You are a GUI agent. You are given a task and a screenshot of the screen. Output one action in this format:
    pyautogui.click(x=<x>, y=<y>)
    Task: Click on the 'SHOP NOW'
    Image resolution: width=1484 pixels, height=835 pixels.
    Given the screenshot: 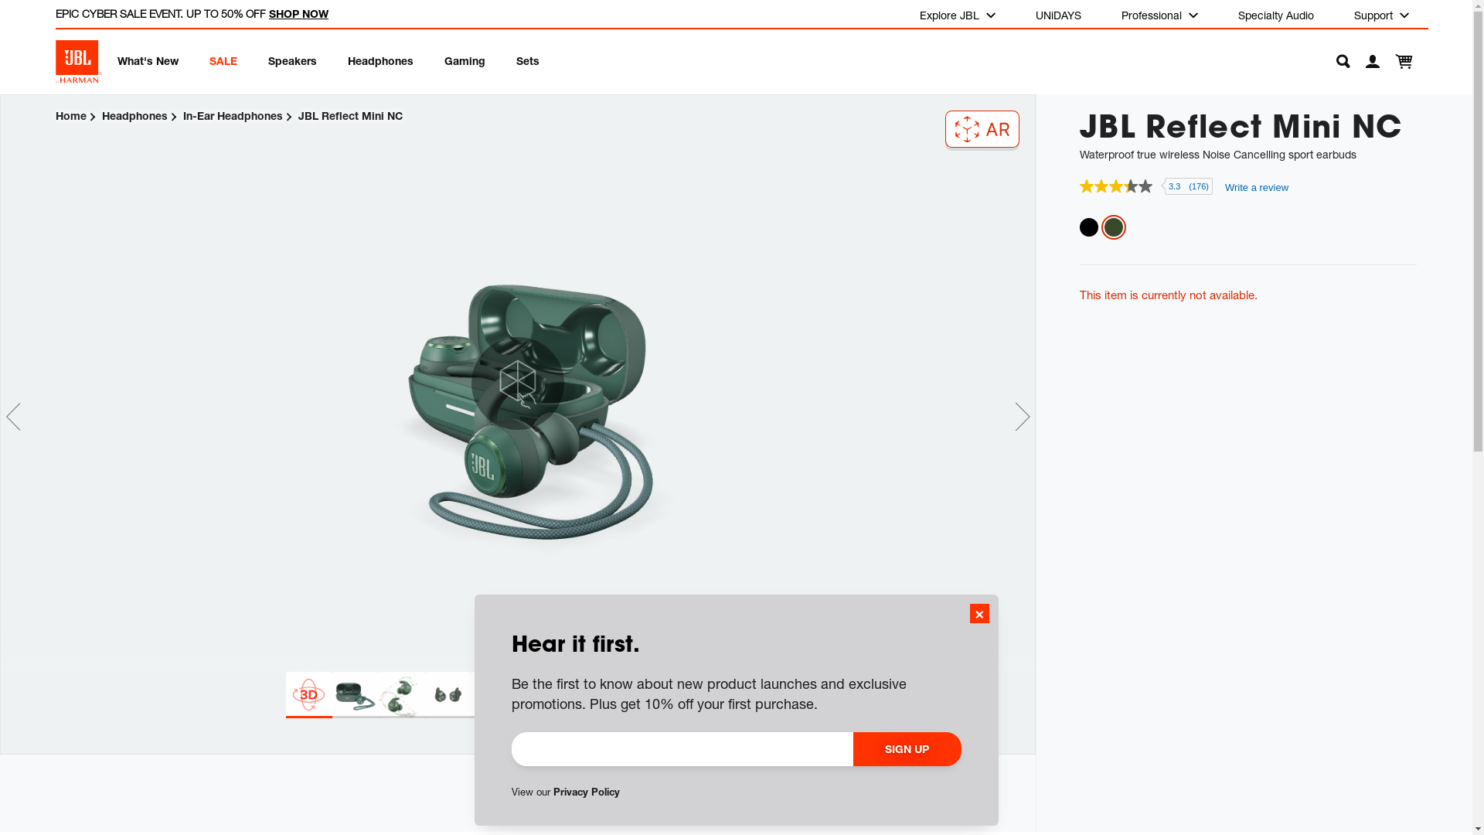 What is the action you would take?
    pyautogui.click(x=298, y=13)
    